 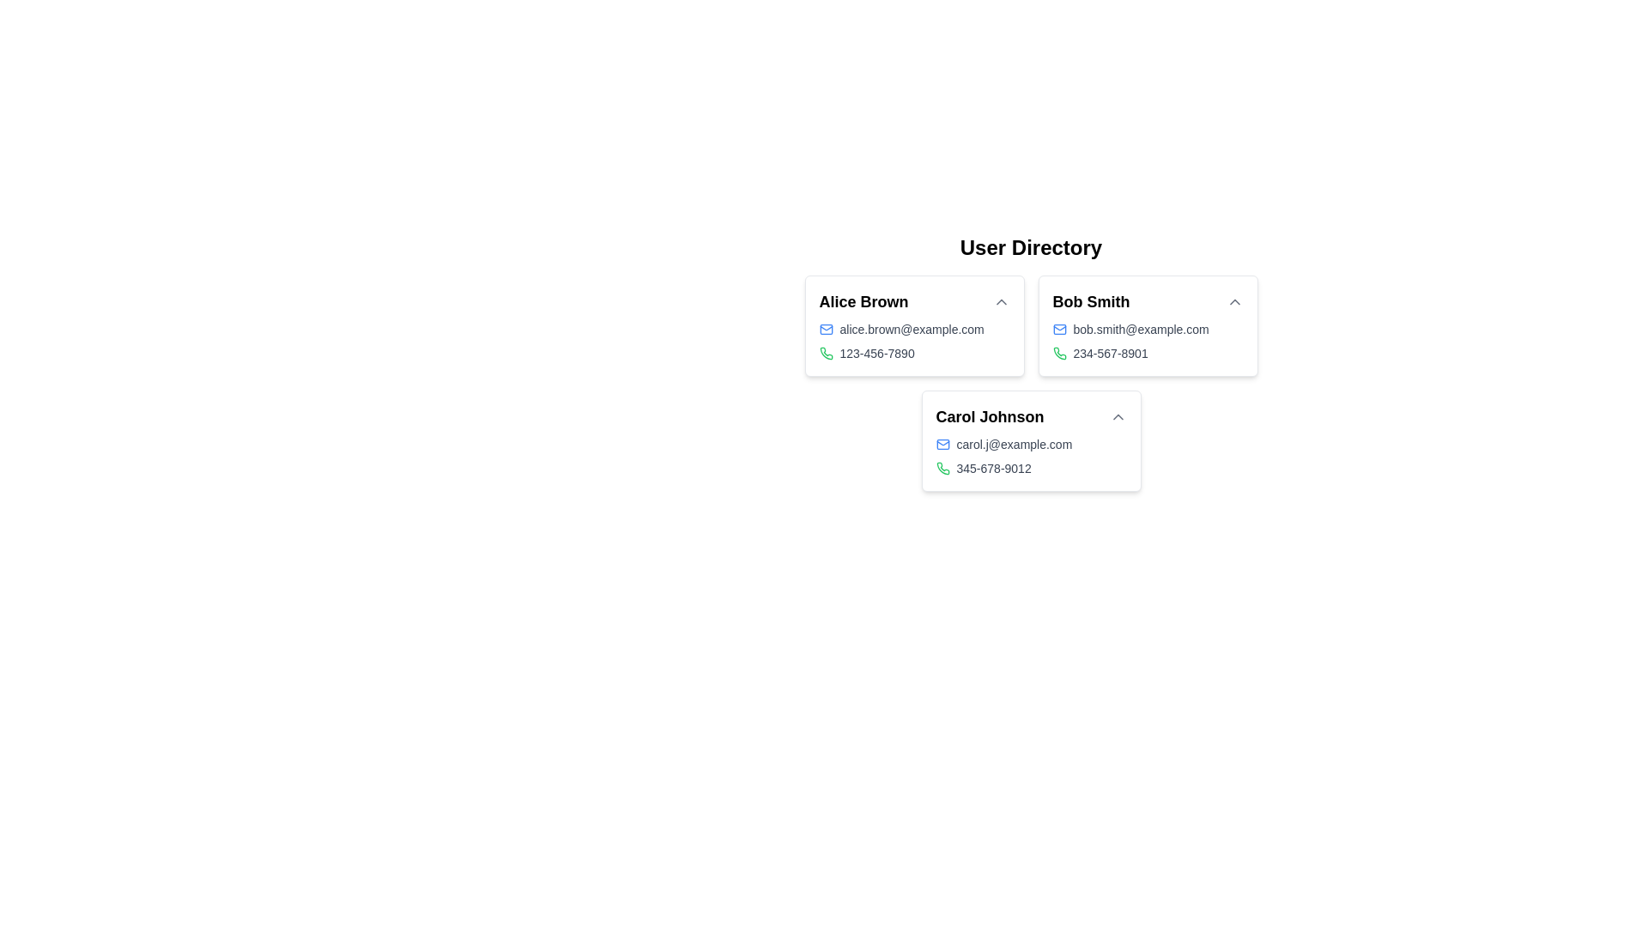 I want to click on the phone icon located to the left of the phone number '345-678-9012' in the contact card for 'Carol Johnson' to initiate a phone call, so click(x=942, y=469).